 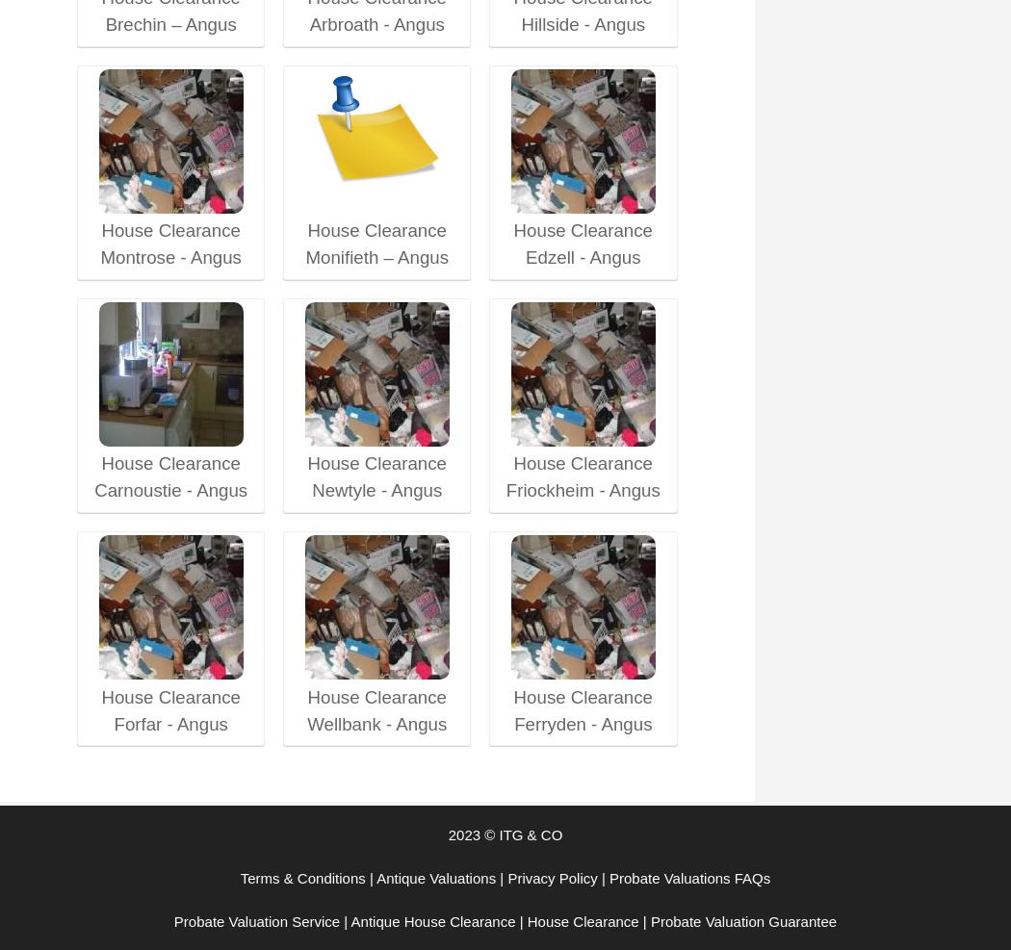 I want to click on 'House Clearance Monifieth – Angus', so click(x=376, y=244).